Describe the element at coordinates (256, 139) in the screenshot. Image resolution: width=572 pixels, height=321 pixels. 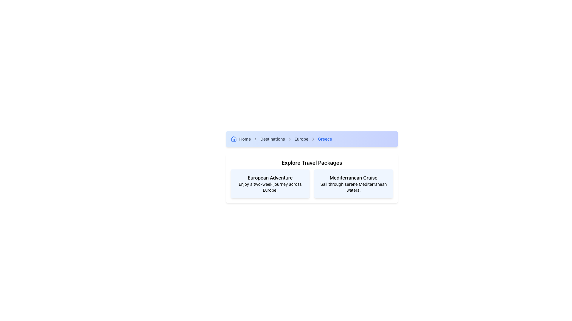
I see `the visual indication of section transition by interacting with the small right-facing arrow icon in the breadcrumb navigation bar, located between the 'Home' and 'Destinations' links` at that location.